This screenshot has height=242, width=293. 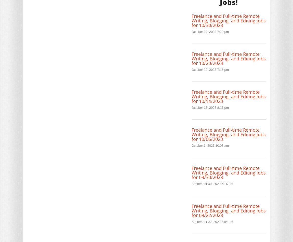 What do you see at coordinates (209, 31) in the screenshot?
I see `'October 30, 2023 7:22 pm'` at bounding box center [209, 31].